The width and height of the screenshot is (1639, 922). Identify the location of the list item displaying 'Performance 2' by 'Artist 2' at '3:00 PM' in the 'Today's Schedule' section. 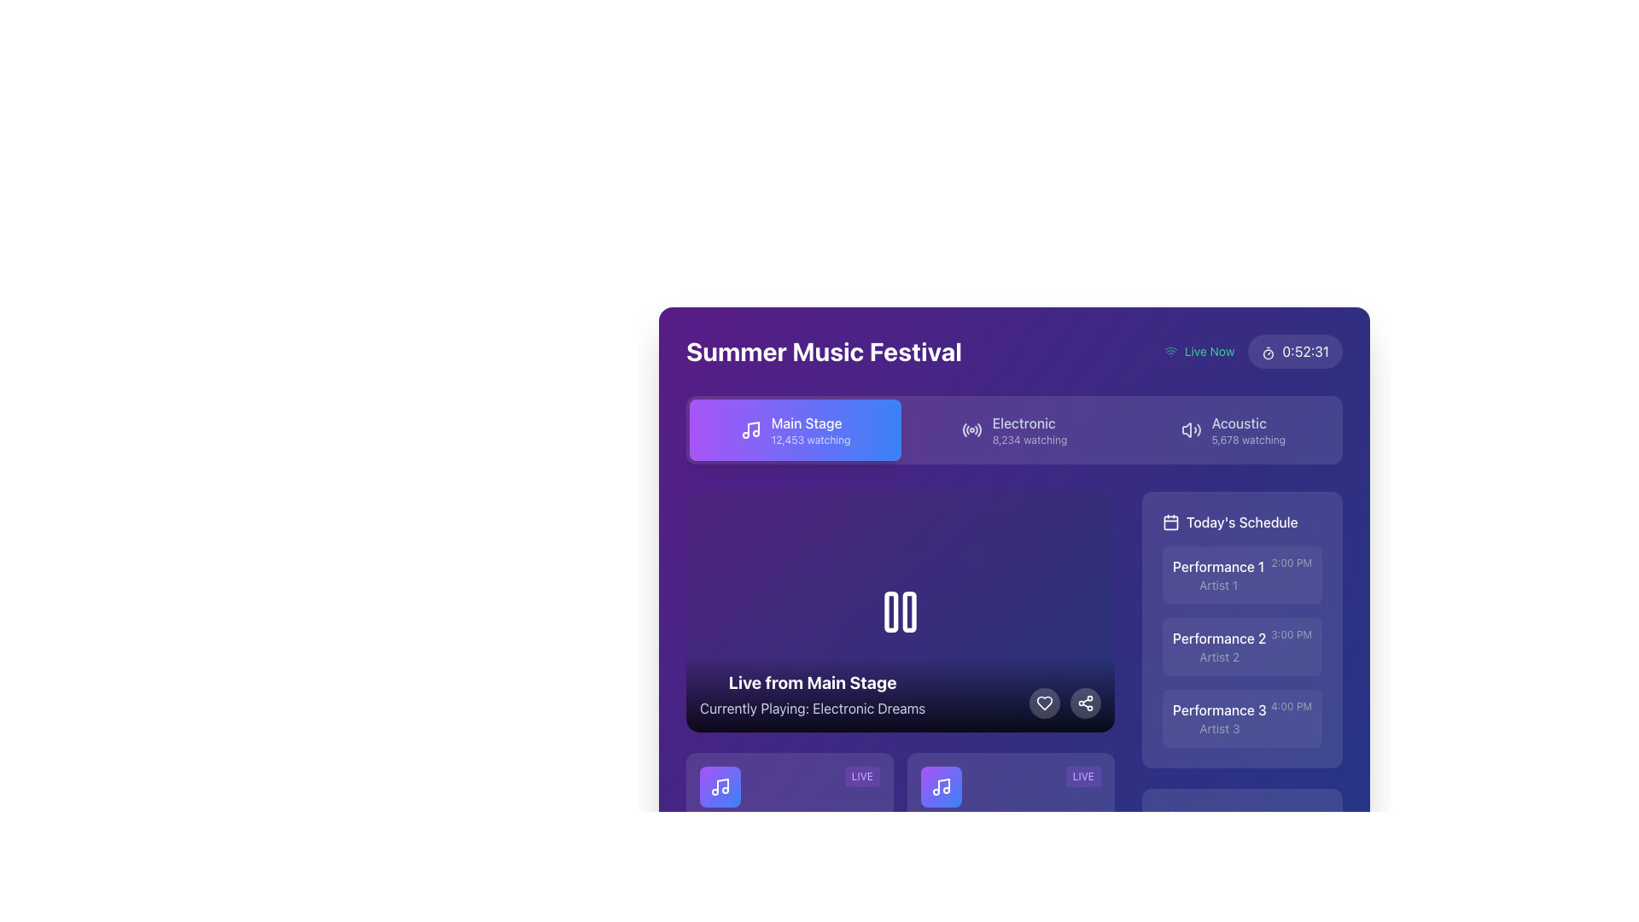
(1242, 647).